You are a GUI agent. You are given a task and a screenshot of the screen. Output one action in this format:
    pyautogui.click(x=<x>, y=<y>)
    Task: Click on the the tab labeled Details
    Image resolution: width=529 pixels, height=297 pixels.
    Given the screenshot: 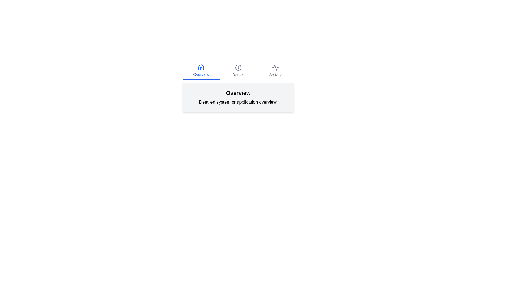 What is the action you would take?
    pyautogui.click(x=238, y=71)
    